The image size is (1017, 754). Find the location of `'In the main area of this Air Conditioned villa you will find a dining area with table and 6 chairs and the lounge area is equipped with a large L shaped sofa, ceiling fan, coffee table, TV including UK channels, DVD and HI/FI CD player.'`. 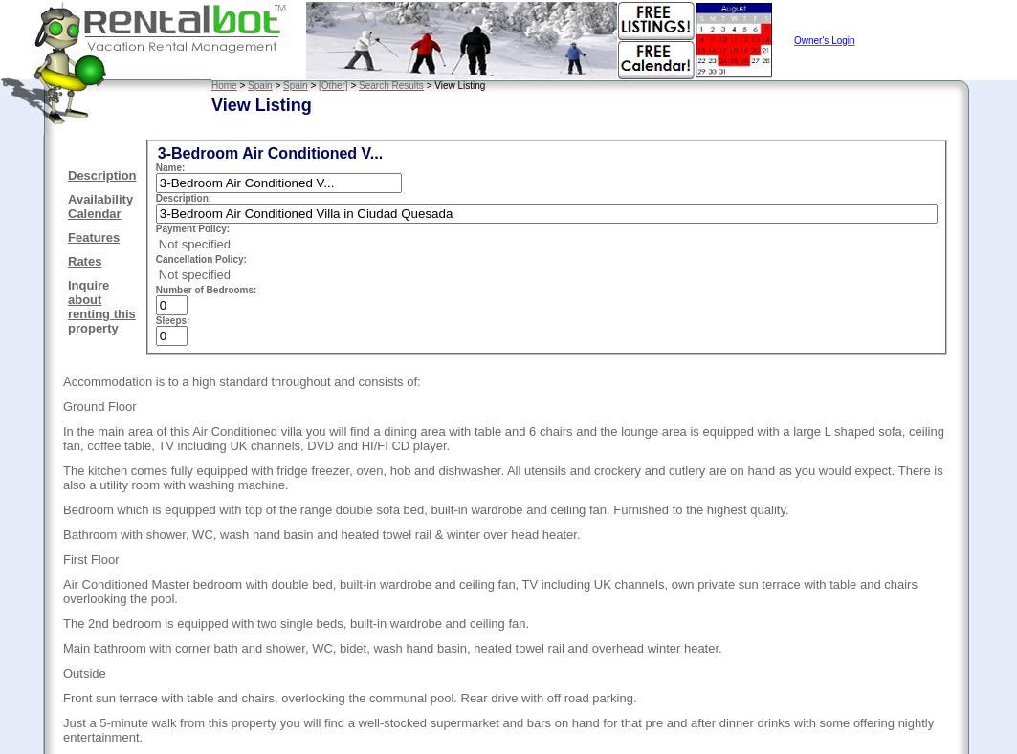

'In the main area of this Air Conditioned villa you will find a dining area with table and 6 chairs and the lounge area is equipped with a large L shaped sofa, ceiling fan, coffee table, TV including UK channels, DVD and HI/FI CD player.' is located at coordinates (502, 438).